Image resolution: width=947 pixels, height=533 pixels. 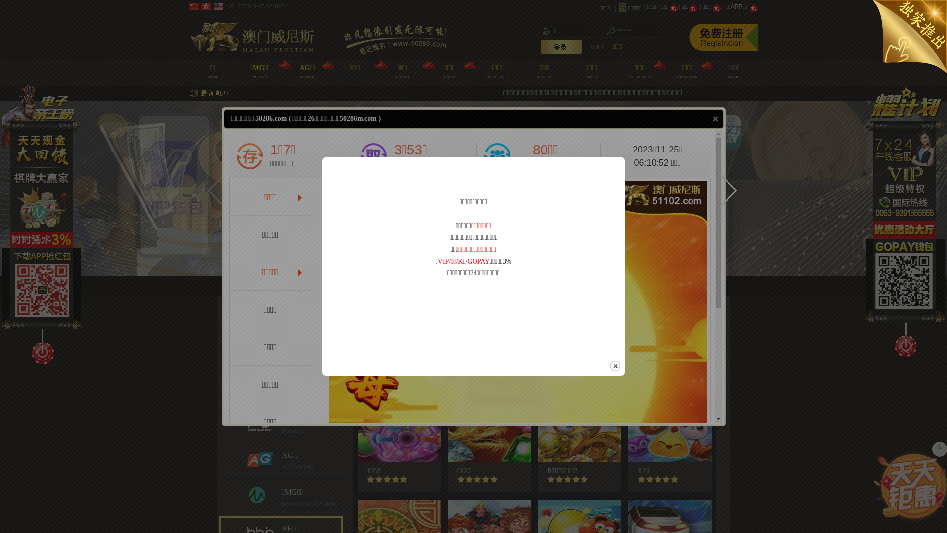 I want to click on 'close', so click(x=615, y=366).